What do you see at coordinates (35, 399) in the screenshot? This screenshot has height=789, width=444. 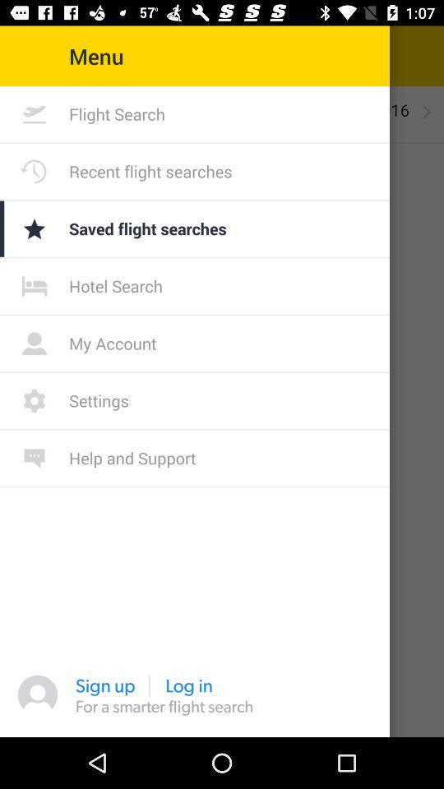 I see `icon left to settings` at bounding box center [35, 399].